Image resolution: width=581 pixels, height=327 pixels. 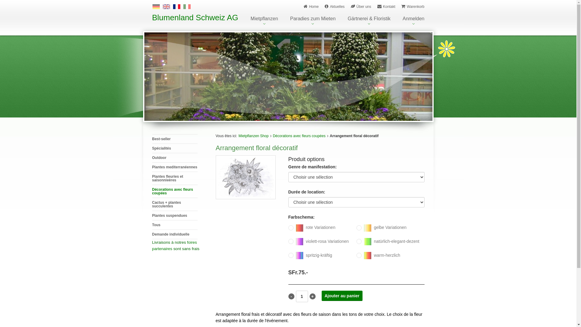 What do you see at coordinates (183, 7) in the screenshot?
I see `'Italiano'` at bounding box center [183, 7].